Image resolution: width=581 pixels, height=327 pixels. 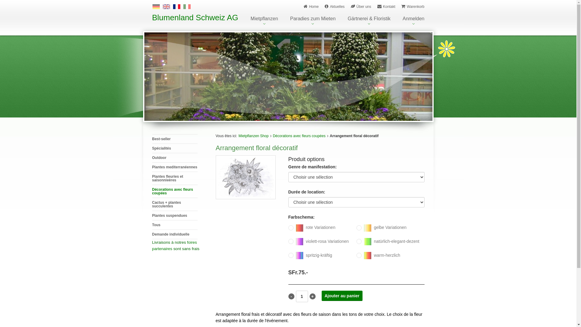 What do you see at coordinates (183, 7) in the screenshot?
I see `'Italiano'` at bounding box center [183, 7].